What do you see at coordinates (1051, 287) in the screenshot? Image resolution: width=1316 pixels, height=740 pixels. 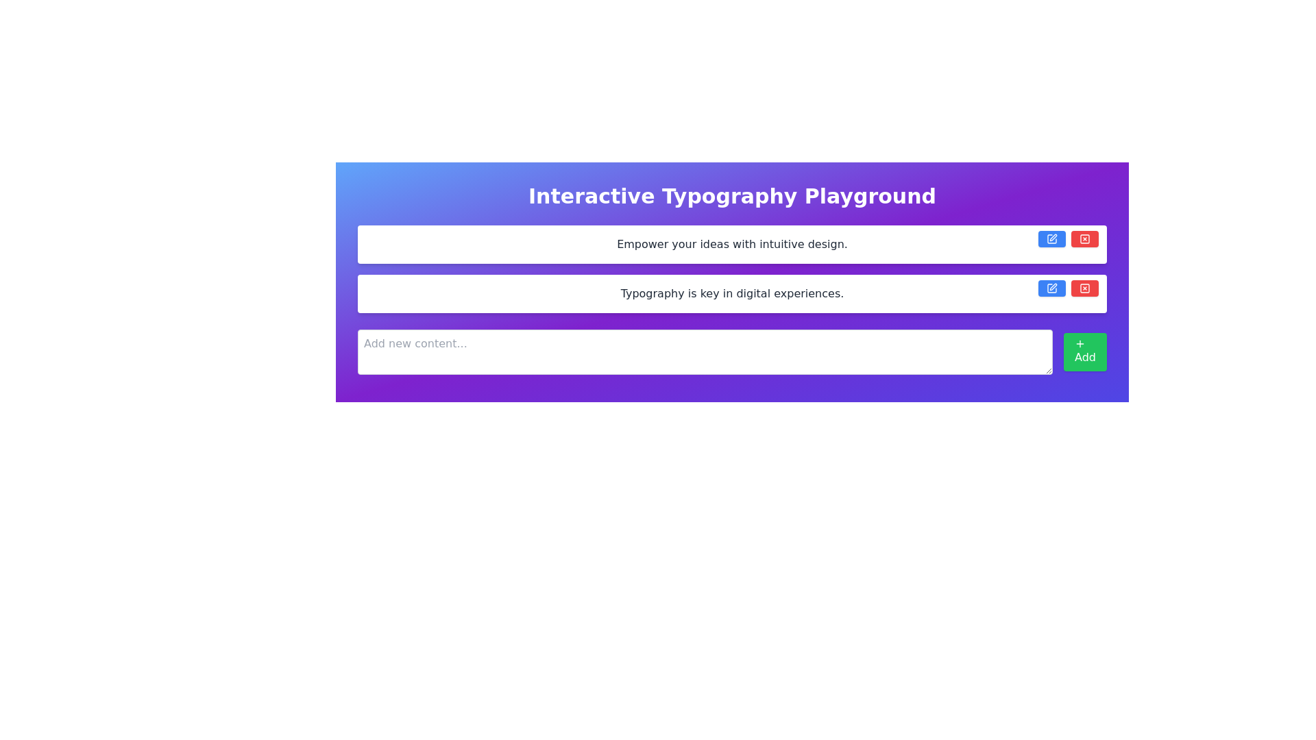 I see `the interactive edit button located in the top-right corner of the text input field labeled 'Typography is key in digital experiences.'` at bounding box center [1051, 287].